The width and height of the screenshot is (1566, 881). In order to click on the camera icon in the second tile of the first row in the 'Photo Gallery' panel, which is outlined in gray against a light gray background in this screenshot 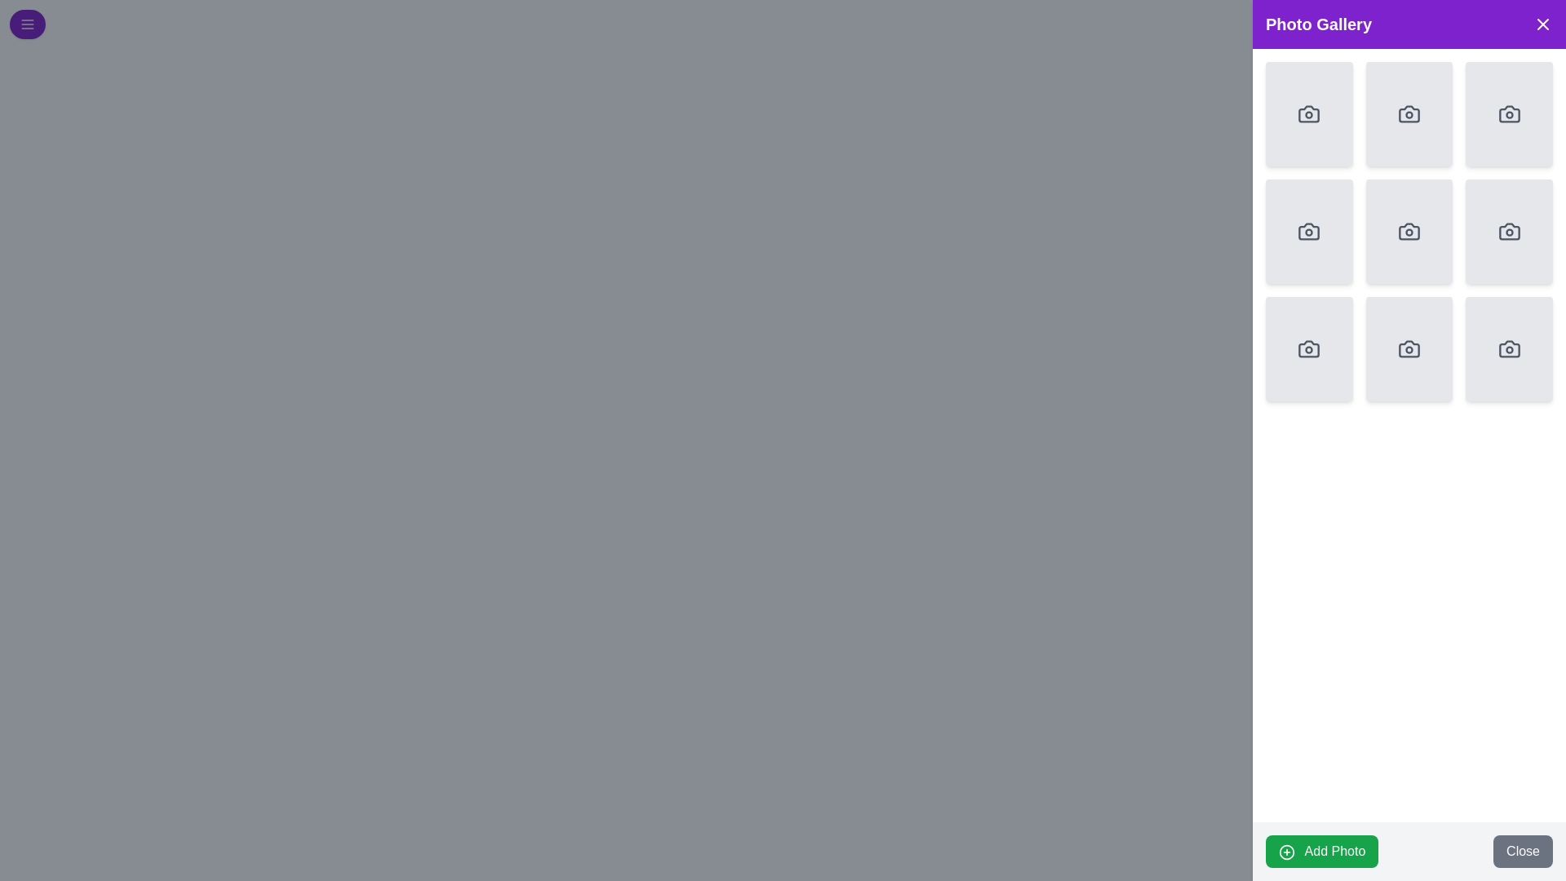, I will do `click(1409, 113)`.